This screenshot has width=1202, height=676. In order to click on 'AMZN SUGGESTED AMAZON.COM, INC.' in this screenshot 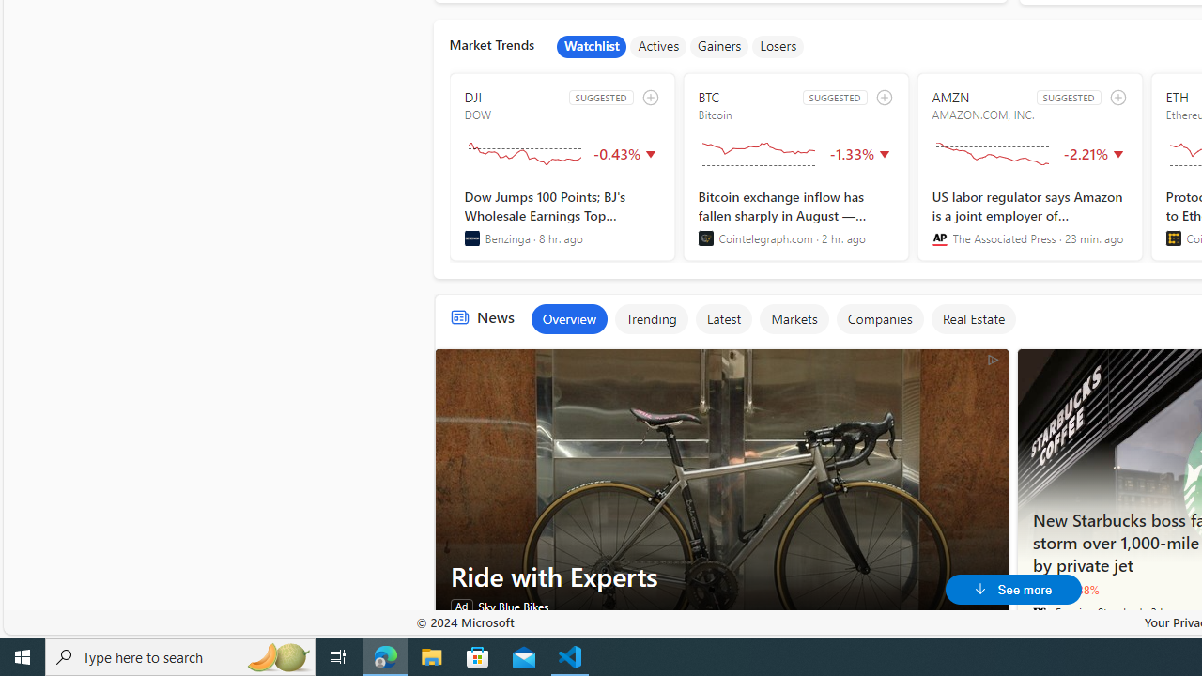, I will do `click(1028, 166)`.